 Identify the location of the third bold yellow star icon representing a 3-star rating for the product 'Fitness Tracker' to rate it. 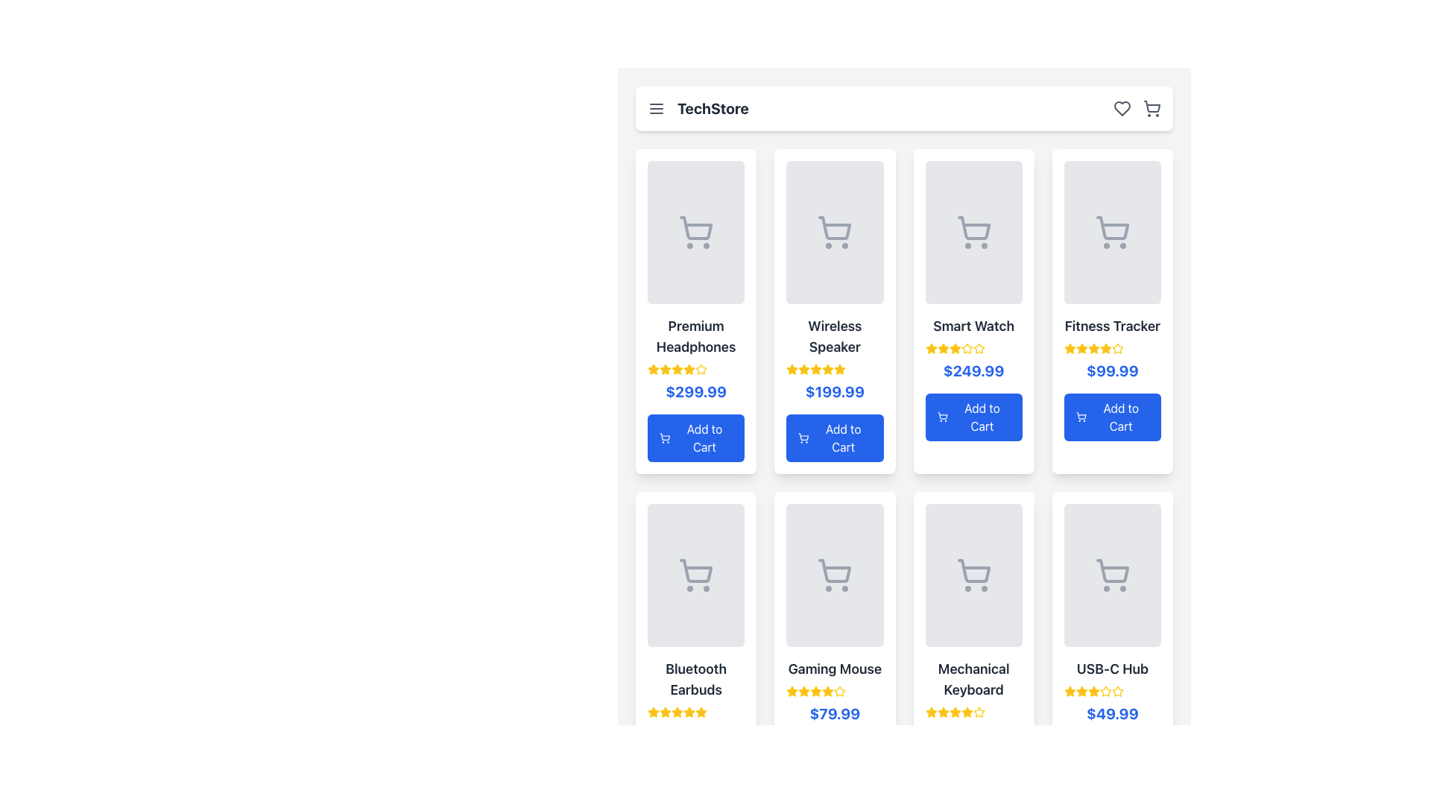
(1081, 348).